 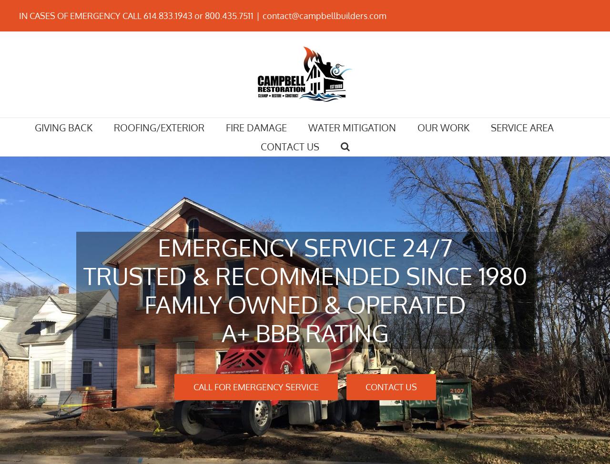 I want to click on 'SERVICE AREA', so click(x=491, y=127).